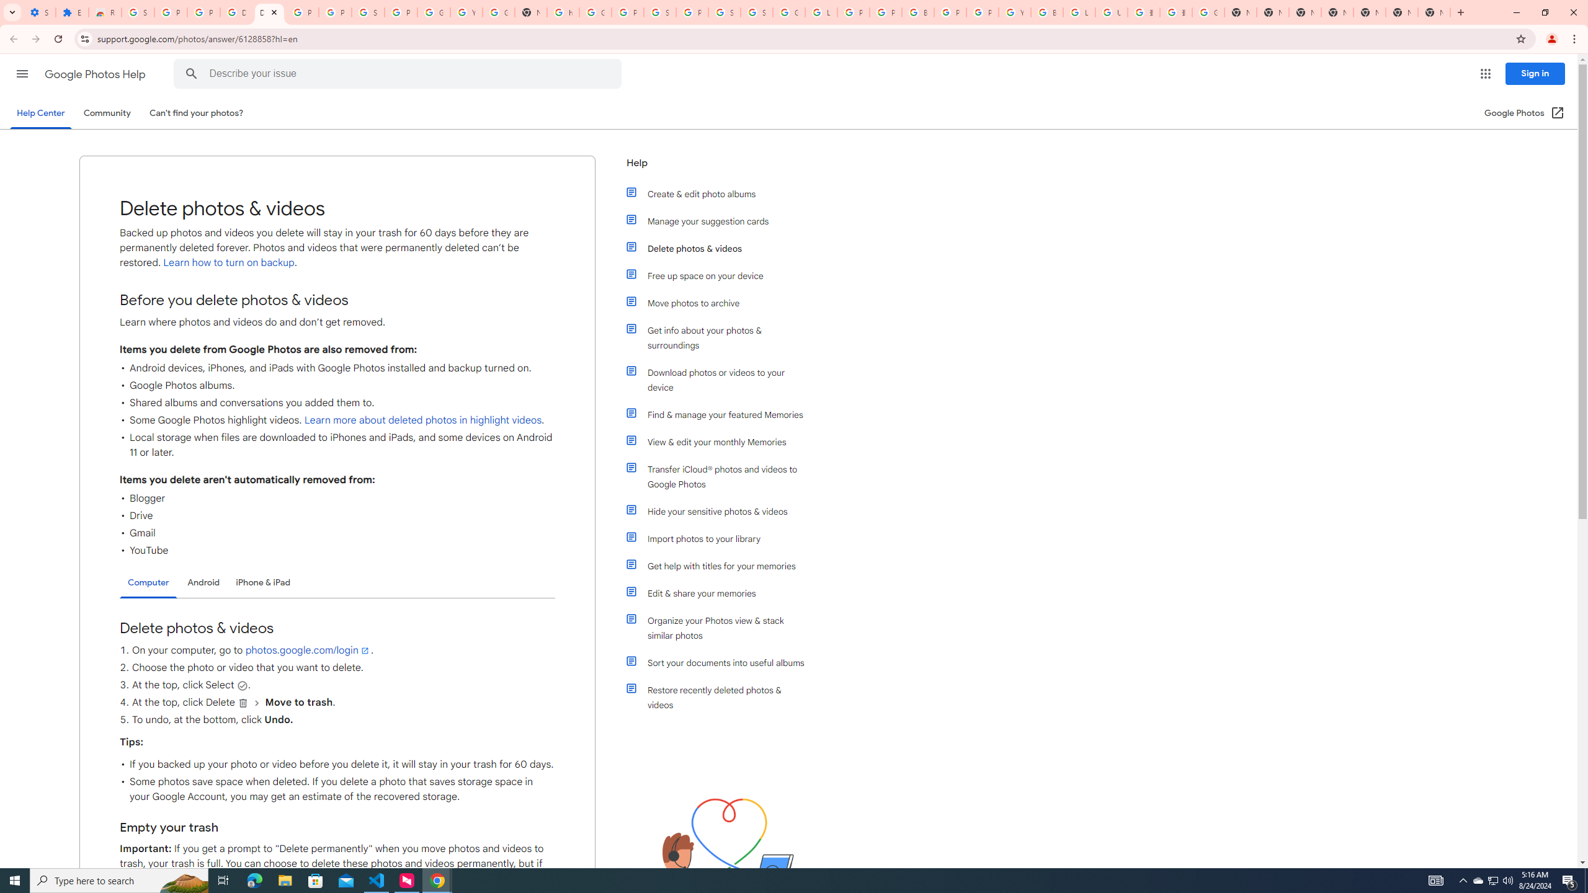 The image size is (1588, 893). Describe the element at coordinates (203, 582) in the screenshot. I see `'Android'` at that location.